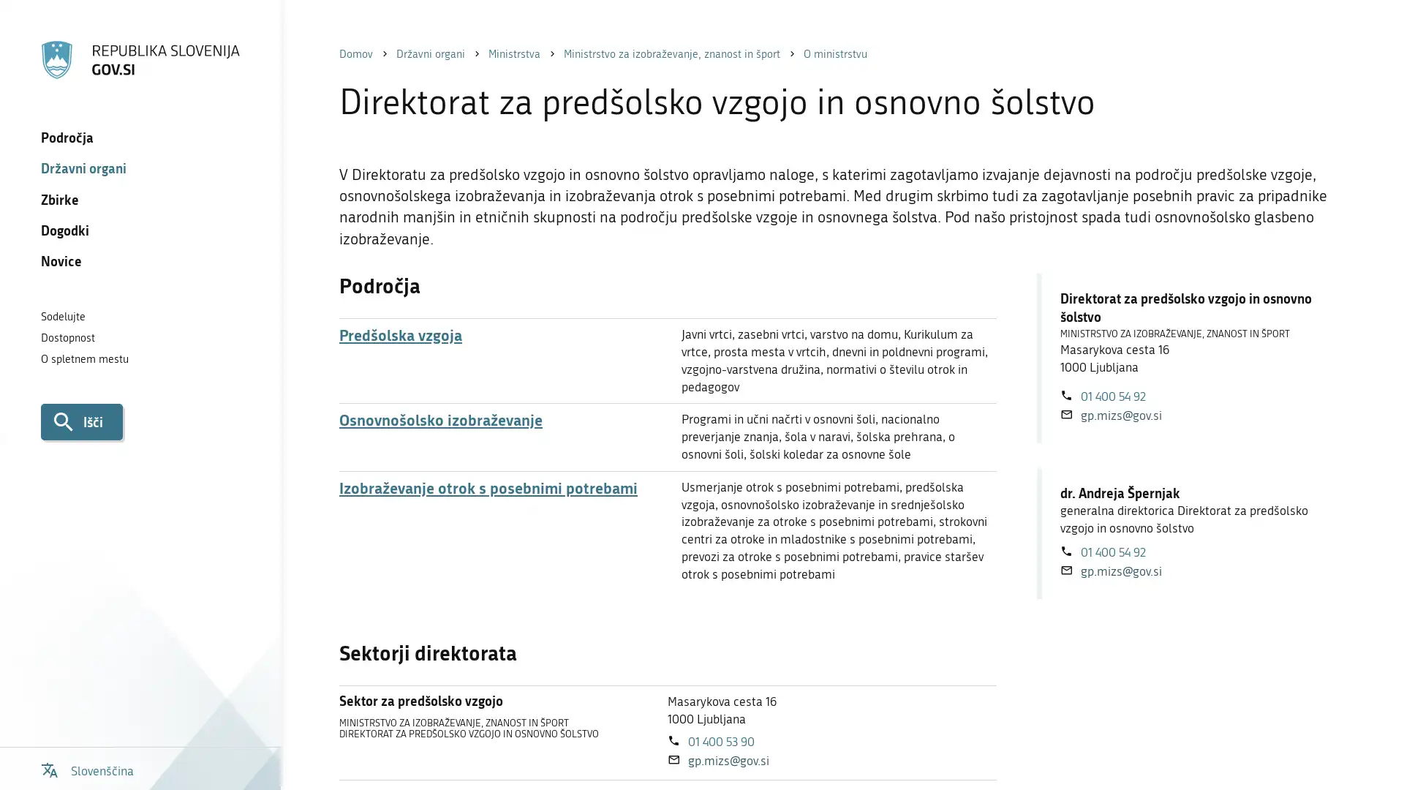 This screenshot has width=1404, height=790. What do you see at coordinates (1361, 36) in the screenshot?
I see `Zapri izbirnik za jezik` at bounding box center [1361, 36].